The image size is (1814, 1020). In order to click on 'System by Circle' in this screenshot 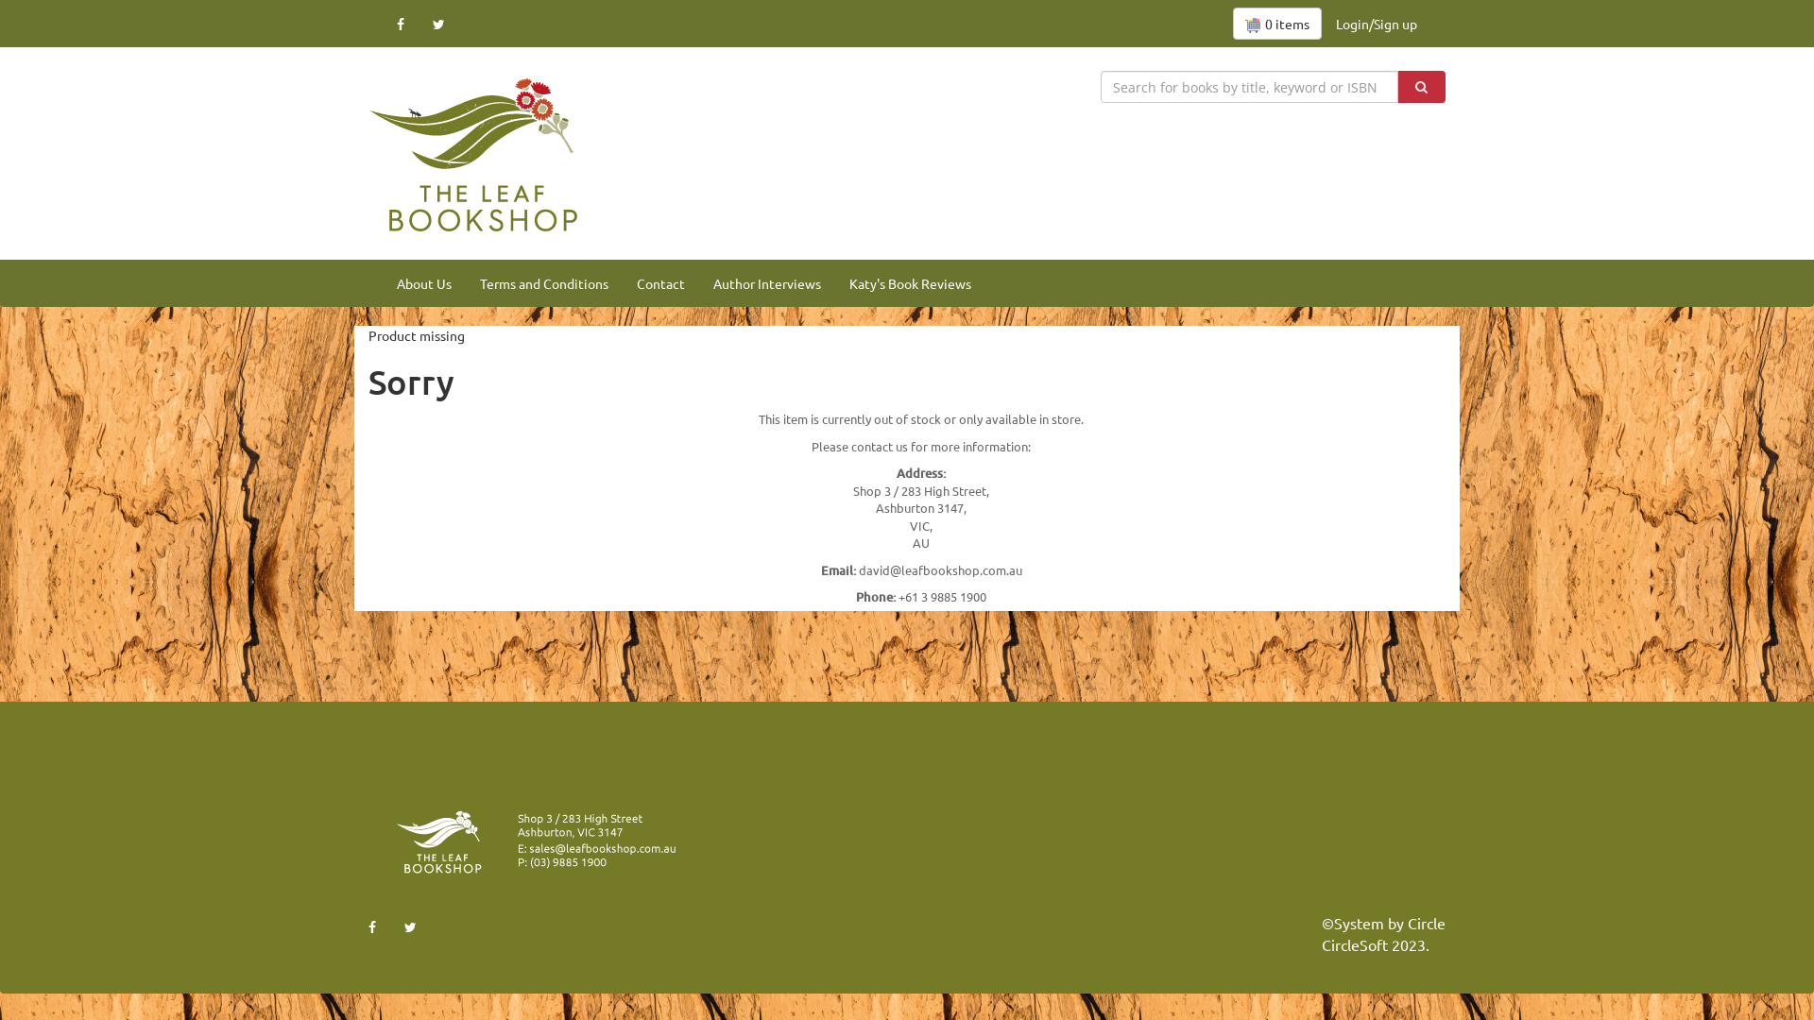, I will do `click(1389, 922)`.